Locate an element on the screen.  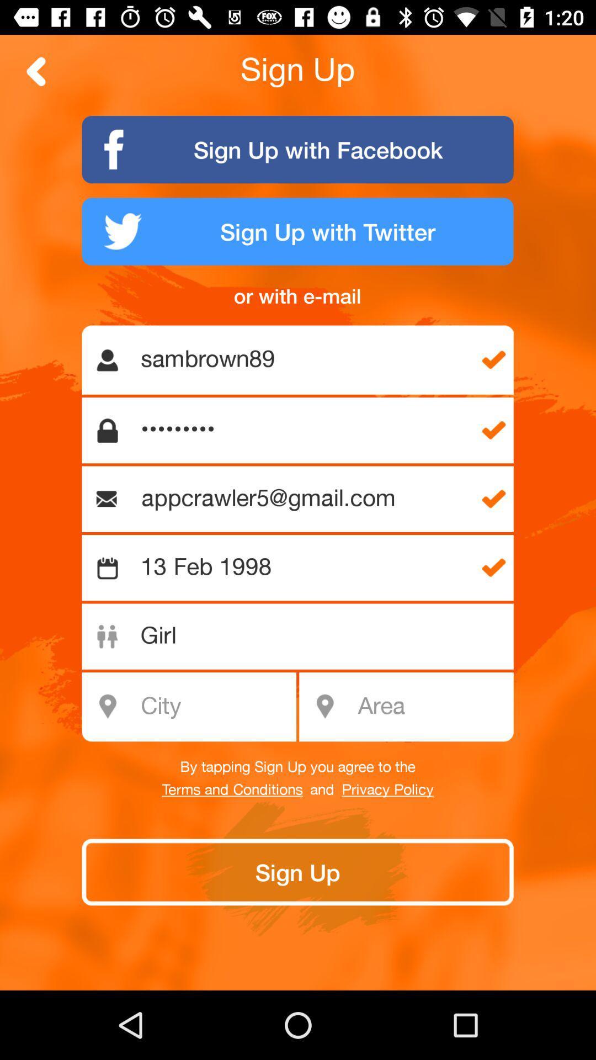
icon at the bottom right corner is located at coordinates (432, 707).